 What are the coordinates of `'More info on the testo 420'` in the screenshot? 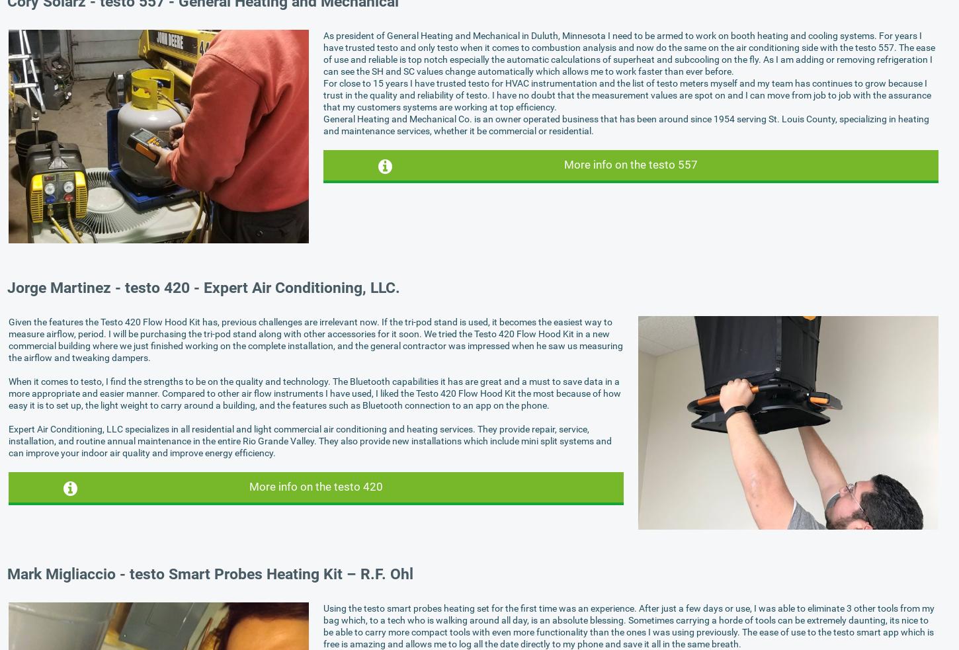 It's located at (315, 485).